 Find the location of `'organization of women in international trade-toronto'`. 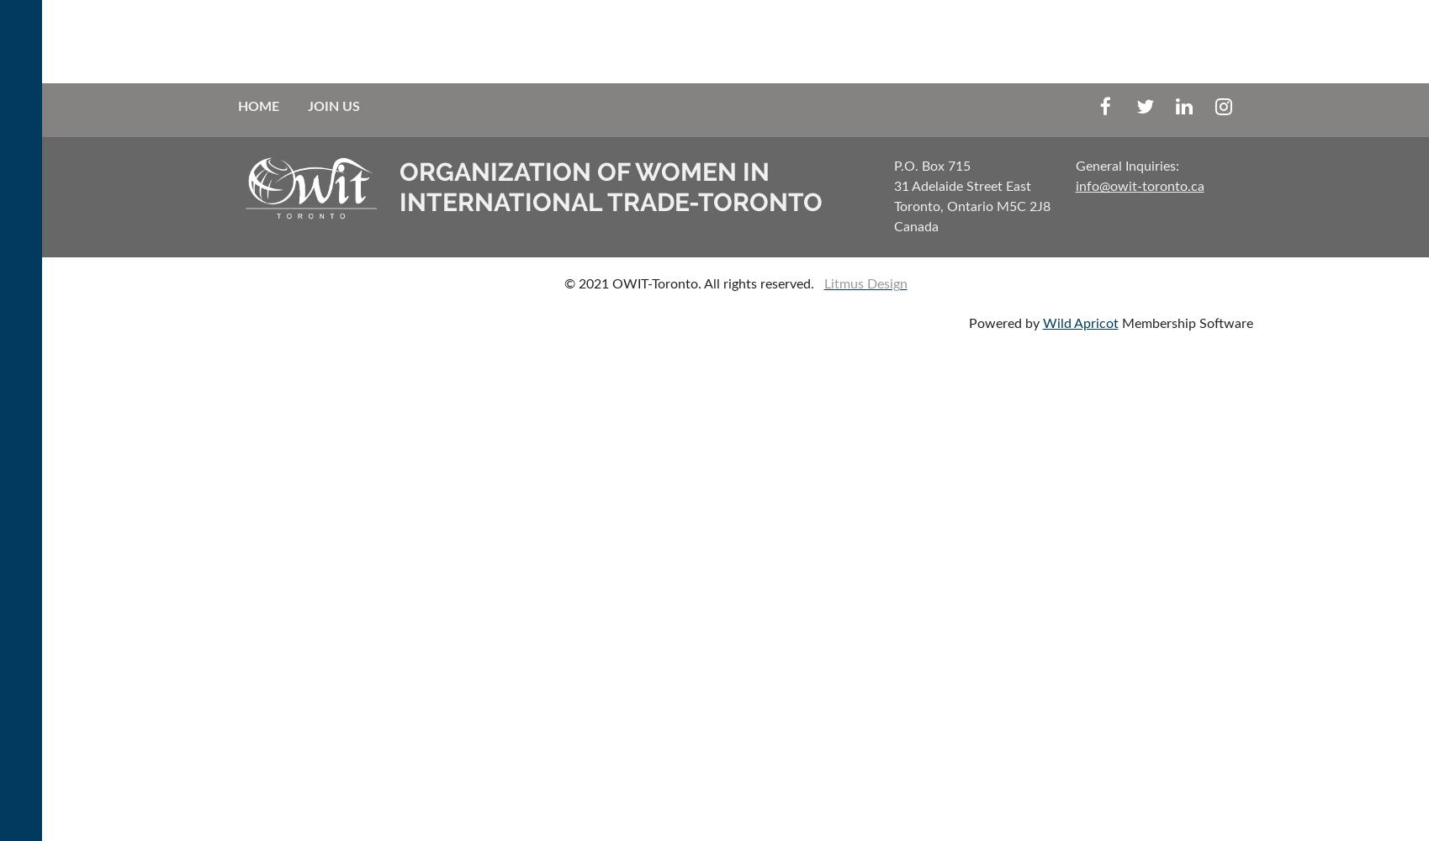

'organization of women in international trade-toronto' is located at coordinates (398, 186).